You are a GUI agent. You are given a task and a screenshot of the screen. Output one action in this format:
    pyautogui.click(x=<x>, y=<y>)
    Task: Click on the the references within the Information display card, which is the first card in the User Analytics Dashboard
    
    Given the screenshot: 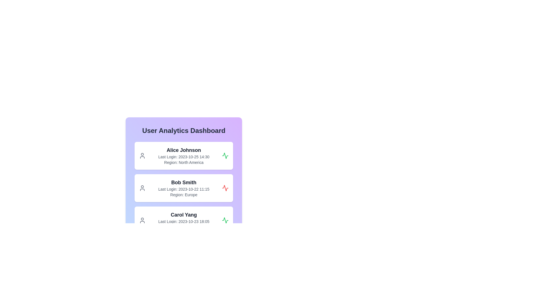 What is the action you would take?
    pyautogui.click(x=184, y=166)
    